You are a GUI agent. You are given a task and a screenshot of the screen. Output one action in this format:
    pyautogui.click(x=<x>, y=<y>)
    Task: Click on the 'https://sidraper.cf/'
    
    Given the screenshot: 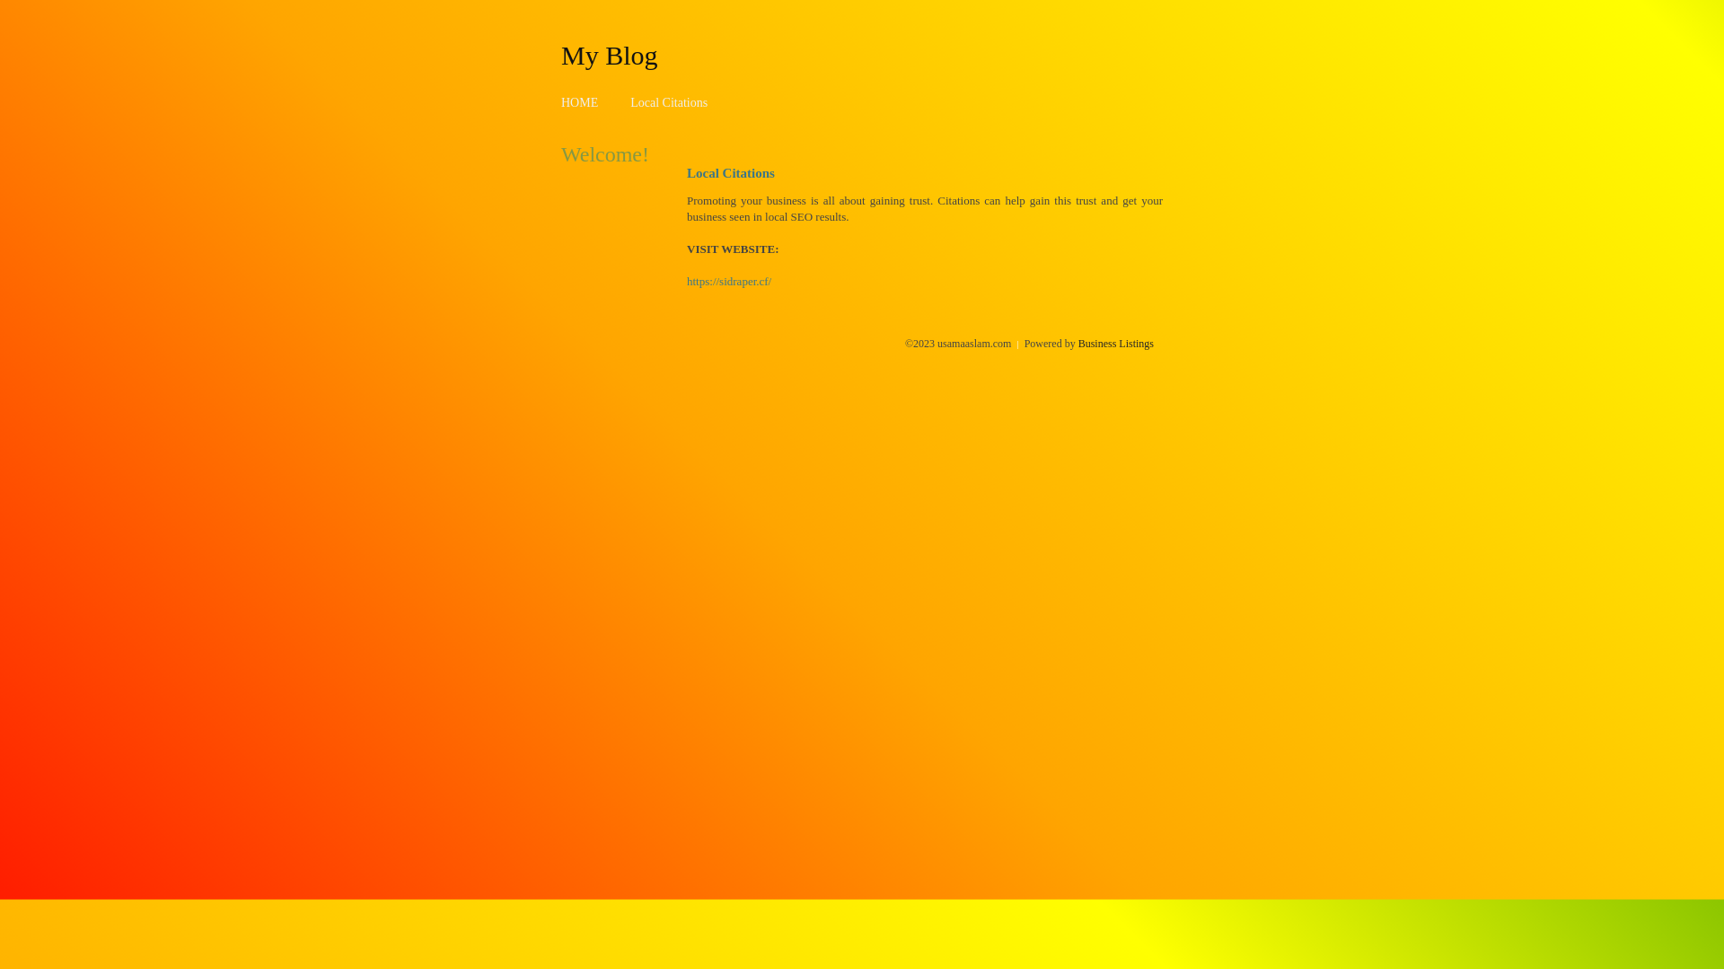 What is the action you would take?
    pyautogui.click(x=728, y=281)
    